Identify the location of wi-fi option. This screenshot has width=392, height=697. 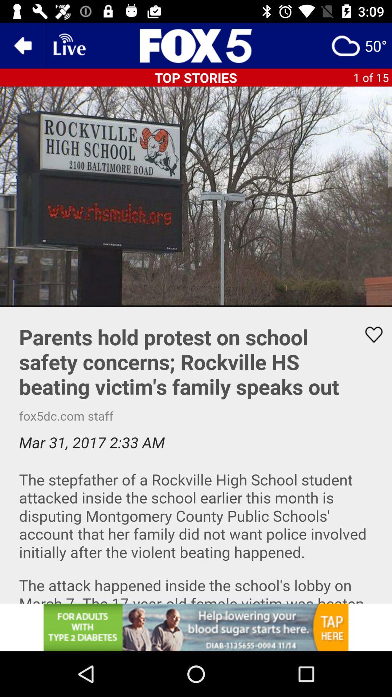
(69, 45).